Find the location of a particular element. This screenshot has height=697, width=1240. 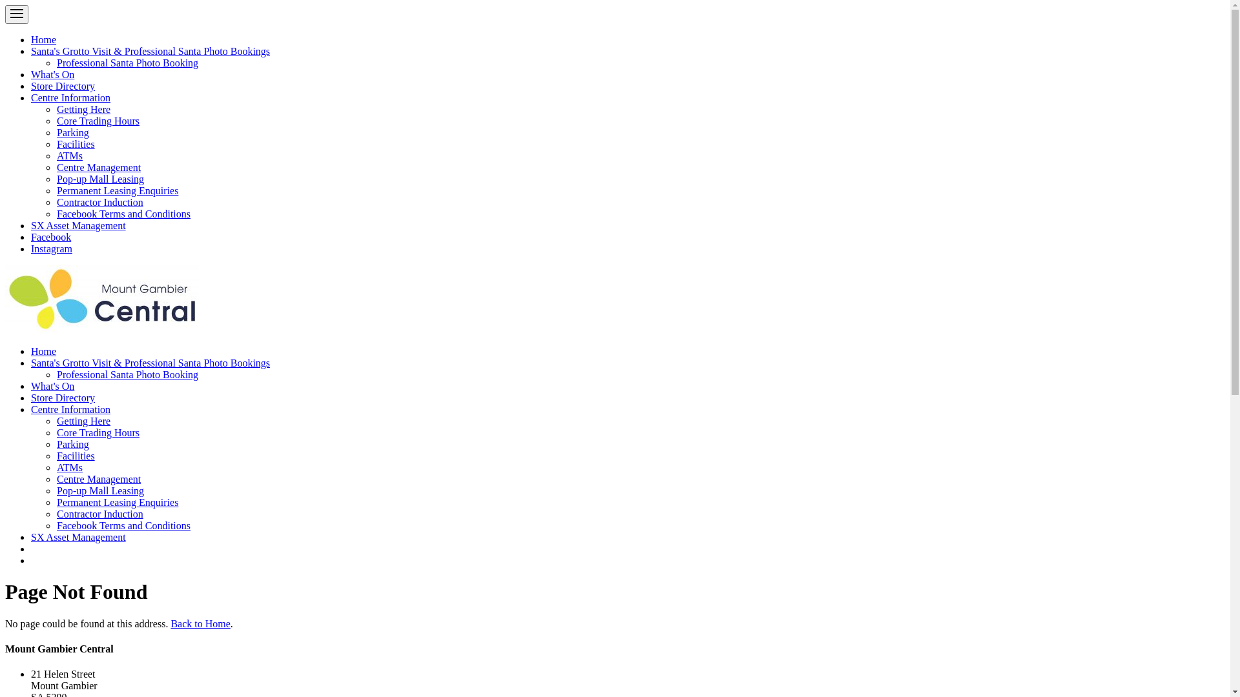

'Store Directory' is located at coordinates (62, 86).